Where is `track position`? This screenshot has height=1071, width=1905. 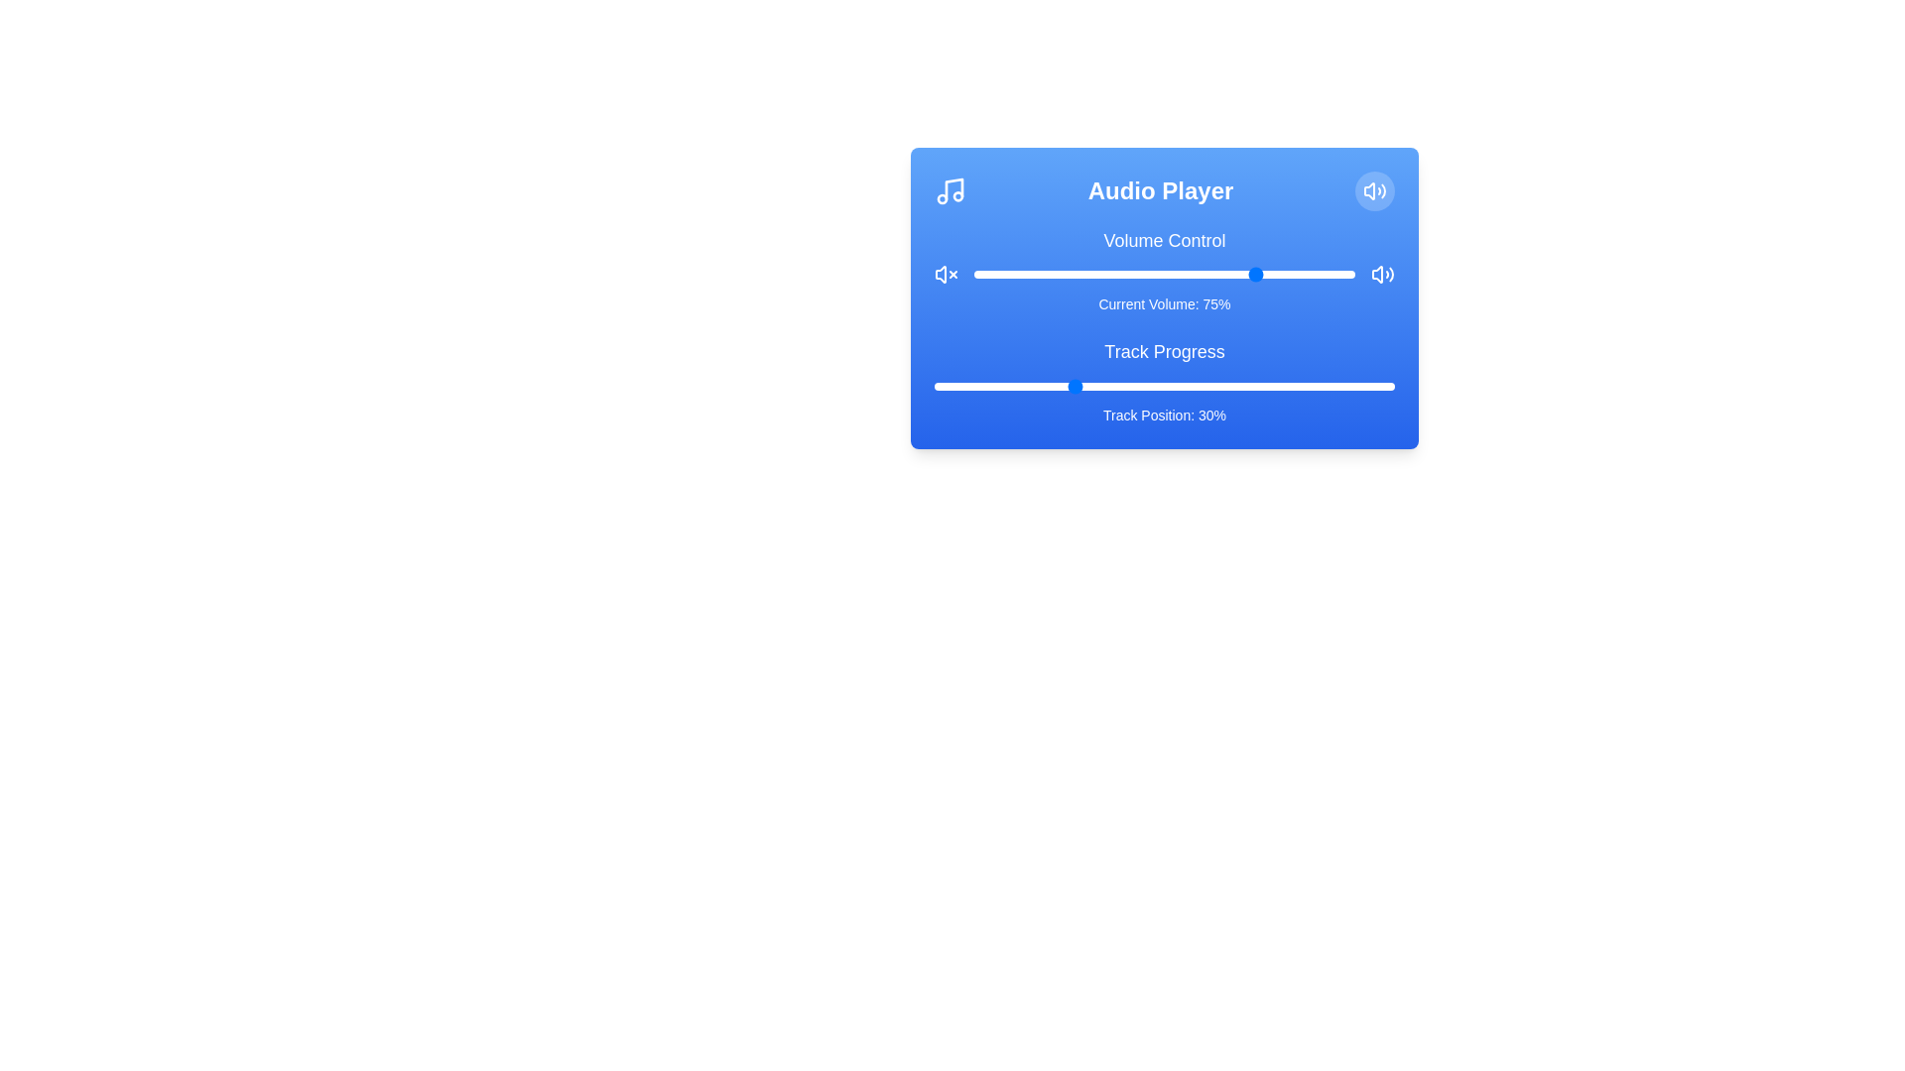 track position is located at coordinates (1085, 386).